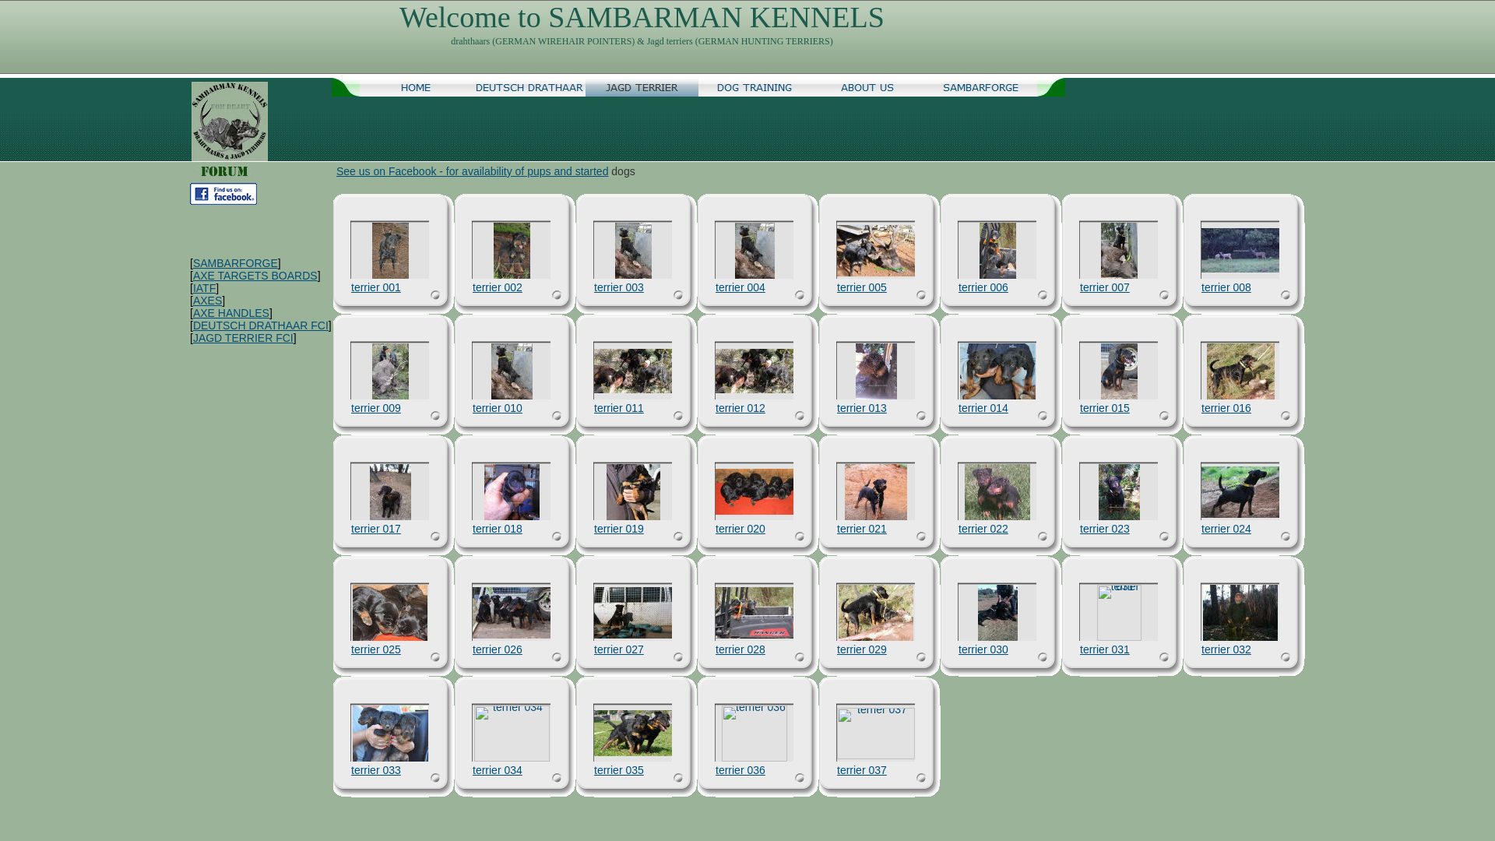 The image size is (1495, 841). Describe the element at coordinates (836, 407) in the screenshot. I see `'terrier 013'` at that location.